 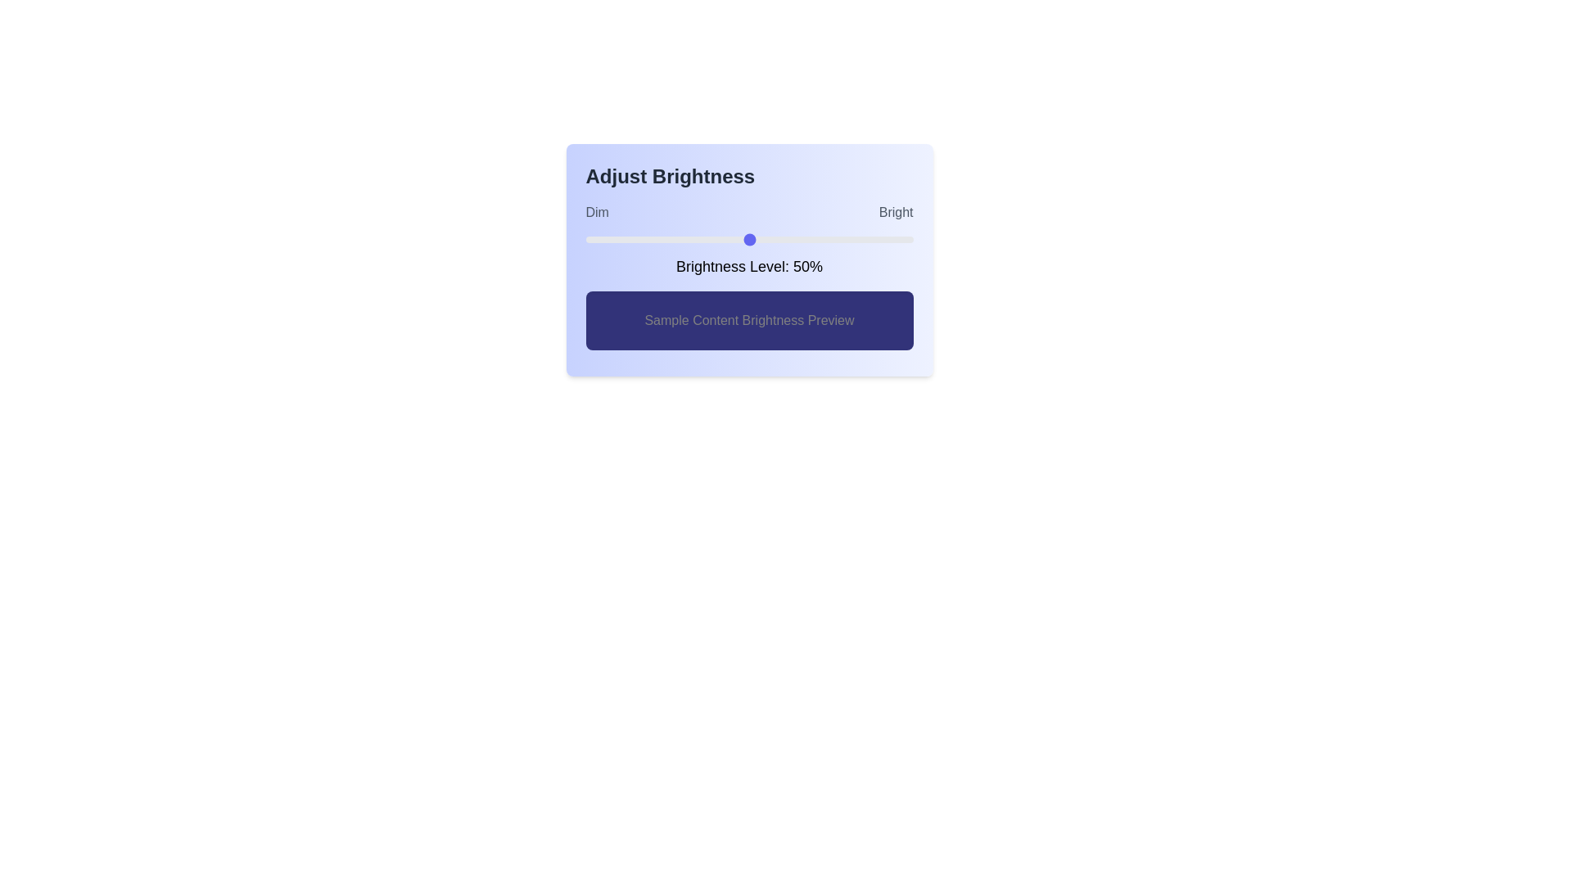 I want to click on the brightness level to 23% by dragging the slider, so click(x=661, y=240).